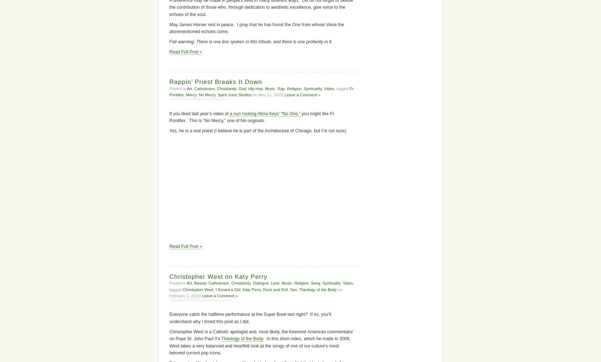  Describe the element at coordinates (260, 283) in the screenshot. I see `'Dialogue'` at that location.